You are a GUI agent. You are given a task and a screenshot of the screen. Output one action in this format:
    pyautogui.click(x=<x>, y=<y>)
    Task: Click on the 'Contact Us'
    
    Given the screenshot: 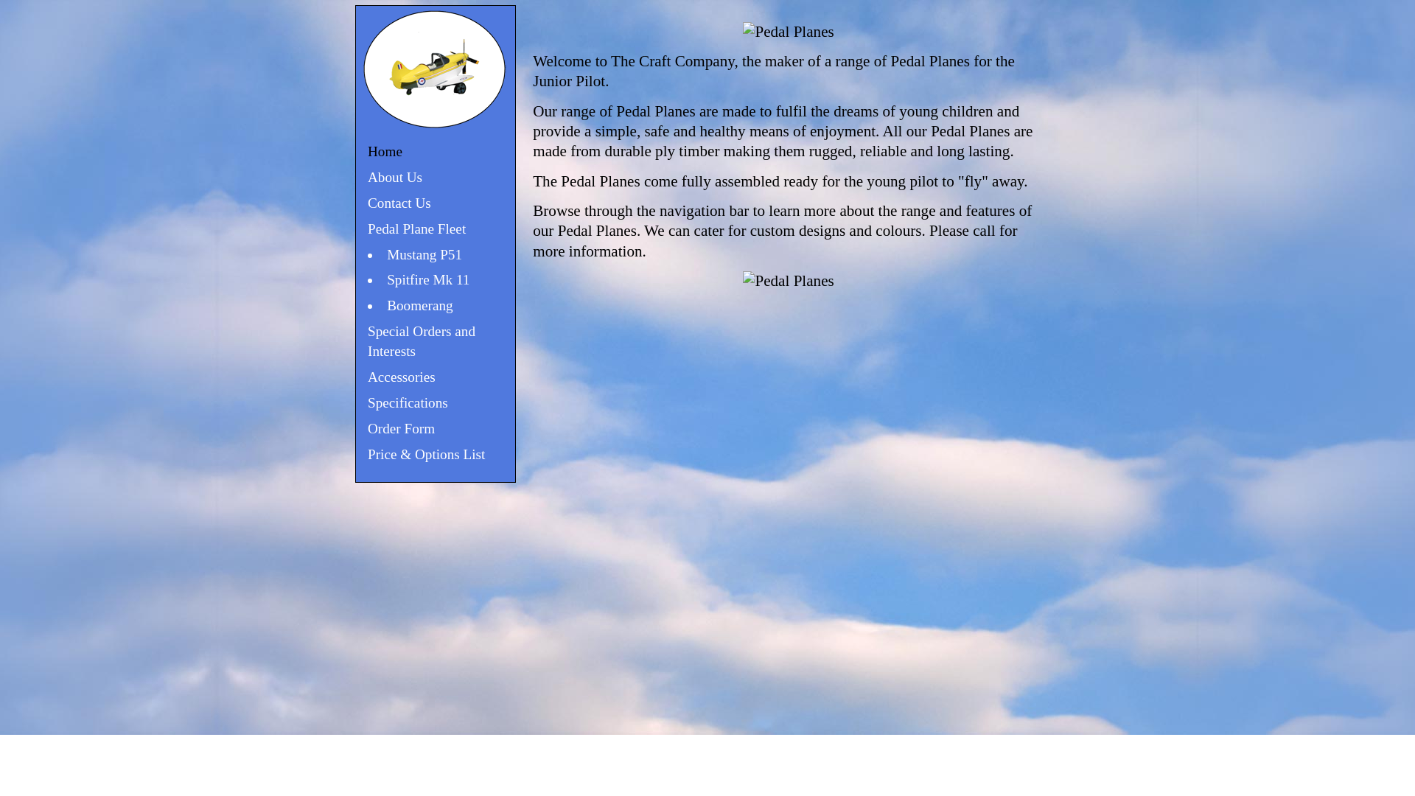 What is the action you would take?
    pyautogui.click(x=368, y=203)
    